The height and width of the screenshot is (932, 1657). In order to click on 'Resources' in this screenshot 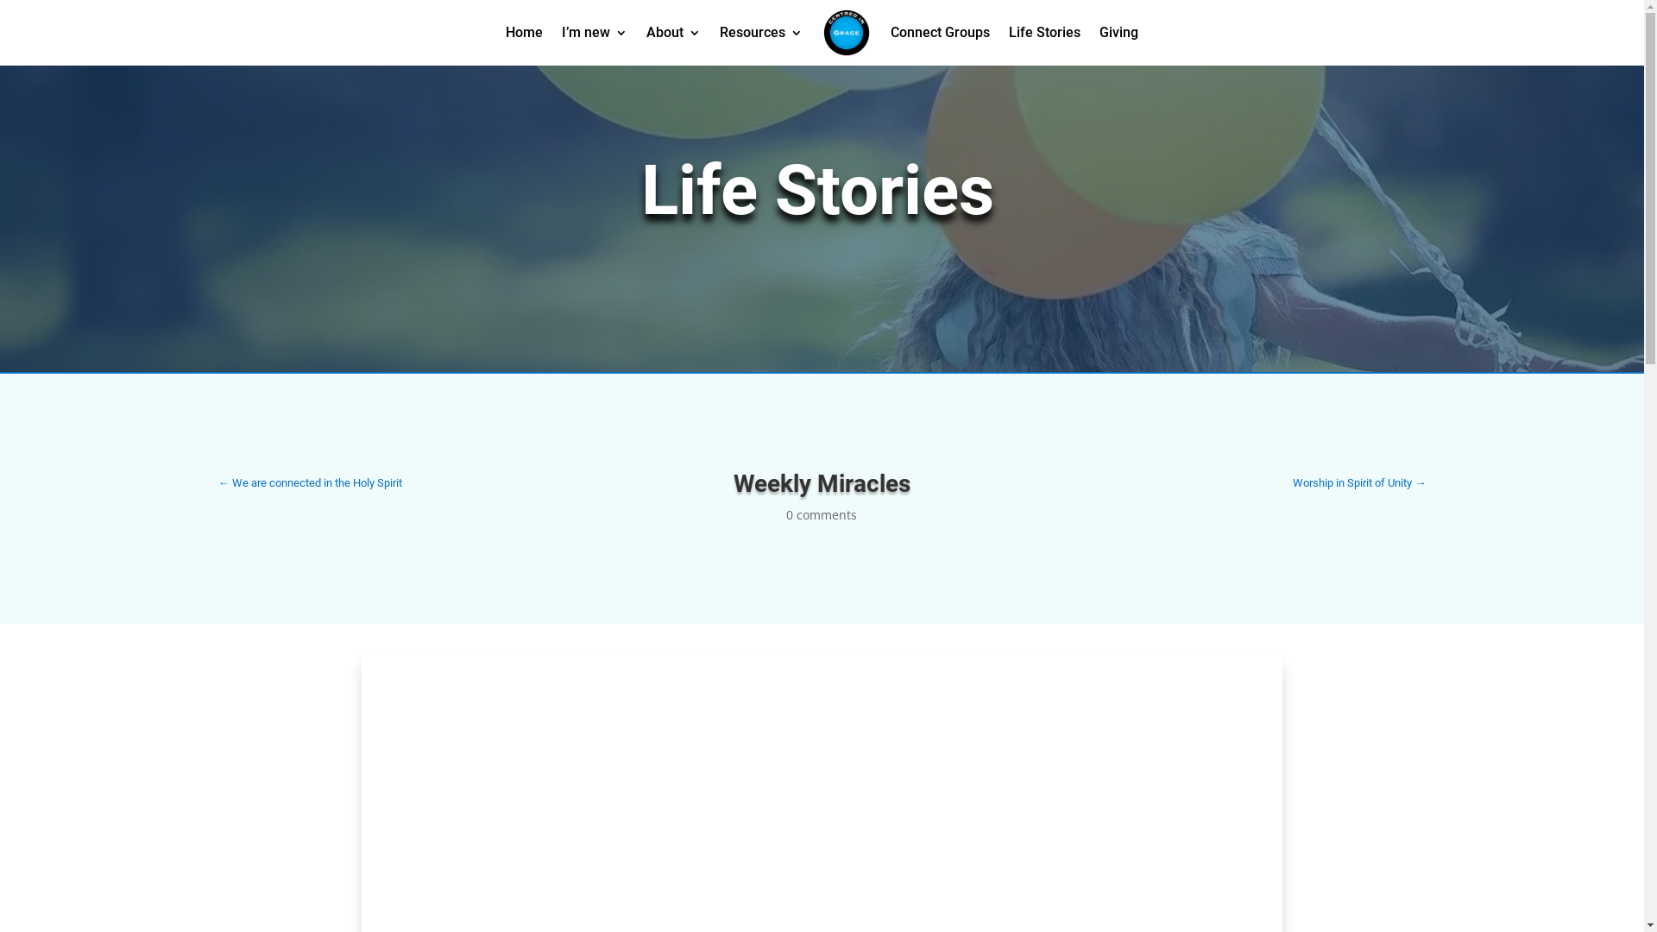, I will do `click(760, 33)`.